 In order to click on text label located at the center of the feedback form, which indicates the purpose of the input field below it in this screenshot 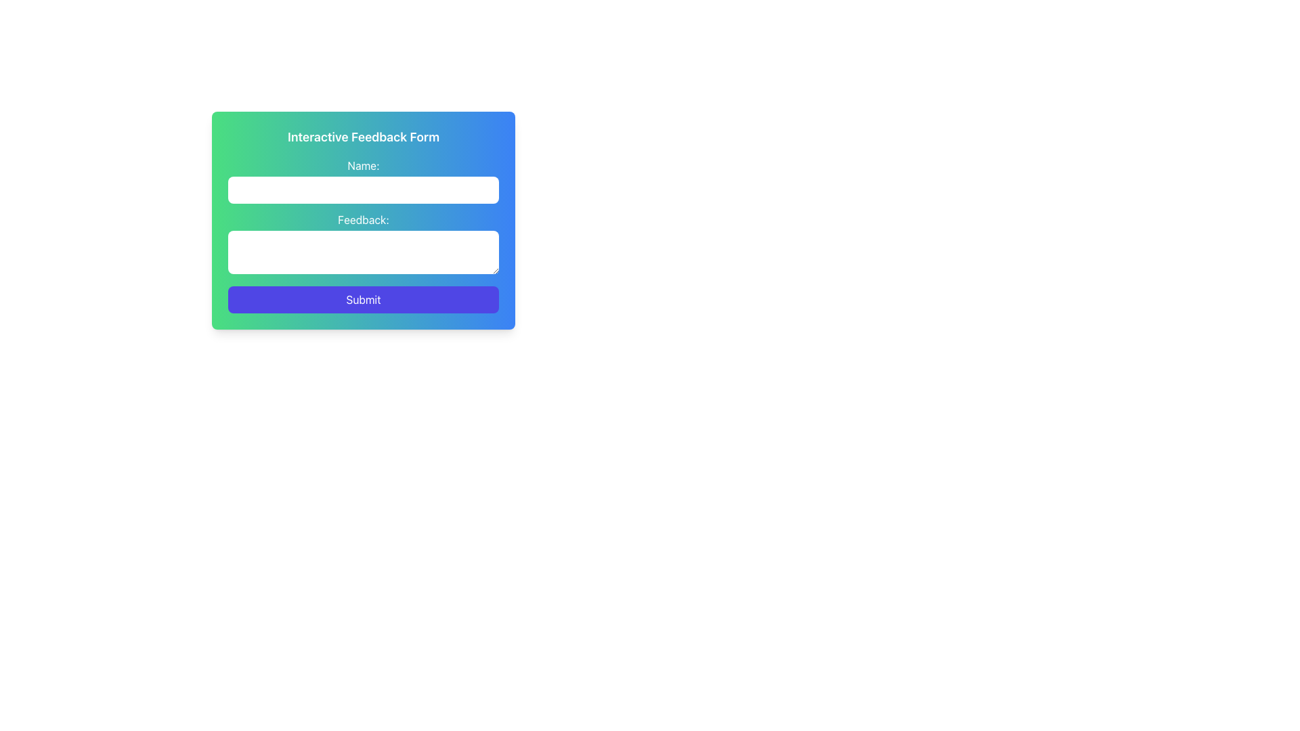, I will do `click(364, 219)`.